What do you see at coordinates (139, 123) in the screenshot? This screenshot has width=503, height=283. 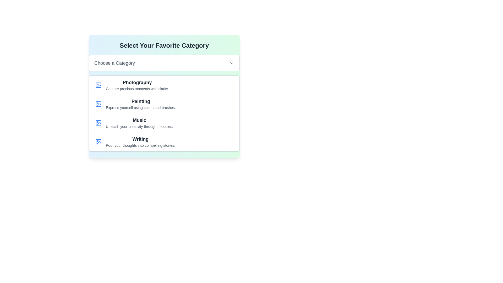 I see `the third category item in the vertical list, which has a text heading and description for creativity-related themes` at bounding box center [139, 123].